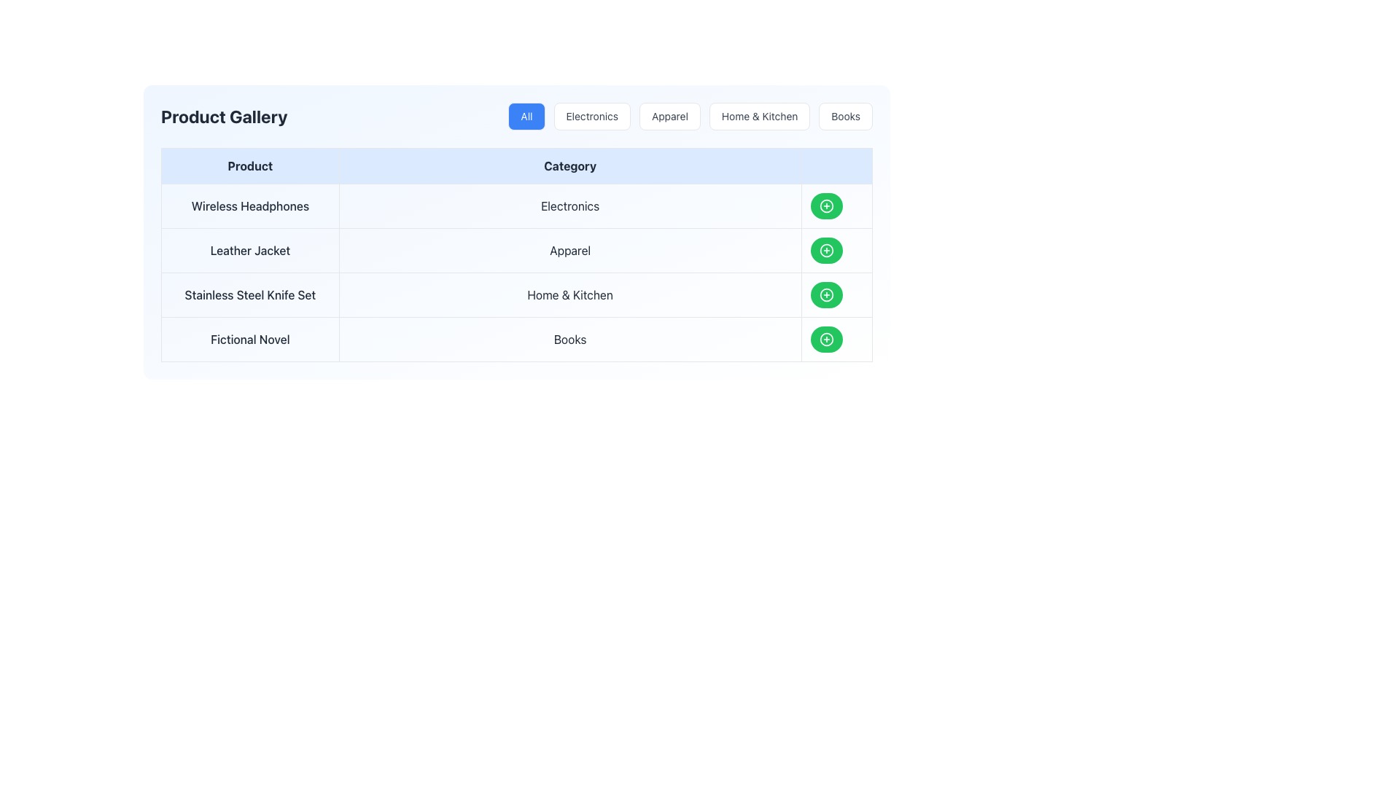 This screenshot has height=787, width=1400. Describe the element at coordinates (250, 165) in the screenshot. I see `the 'Product names' header in the upper-left section of the table, which designates the type of data listed under it` at that location.